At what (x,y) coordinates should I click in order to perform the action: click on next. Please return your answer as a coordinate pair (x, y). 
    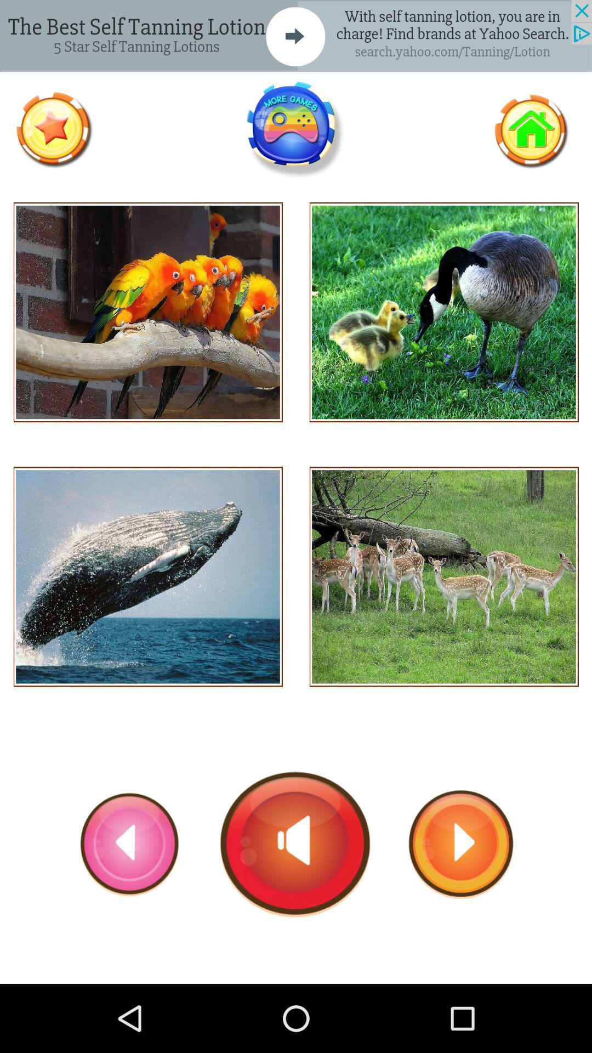
    Looking at the image, I should click on (461, 843).